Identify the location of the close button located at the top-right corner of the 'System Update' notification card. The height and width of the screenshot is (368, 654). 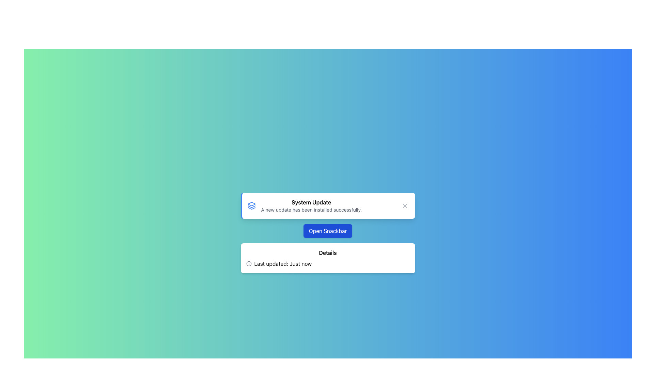
(405, 205).